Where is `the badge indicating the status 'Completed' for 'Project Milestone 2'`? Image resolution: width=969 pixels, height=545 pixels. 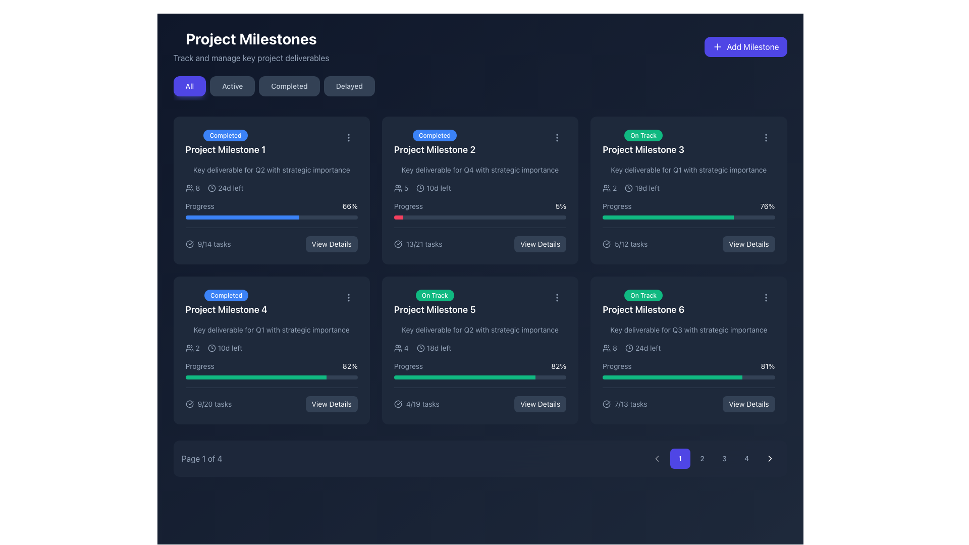 the badge indicating the status 'Completed' for 'Project Milestone 2' is located at coordinates (435, 142).